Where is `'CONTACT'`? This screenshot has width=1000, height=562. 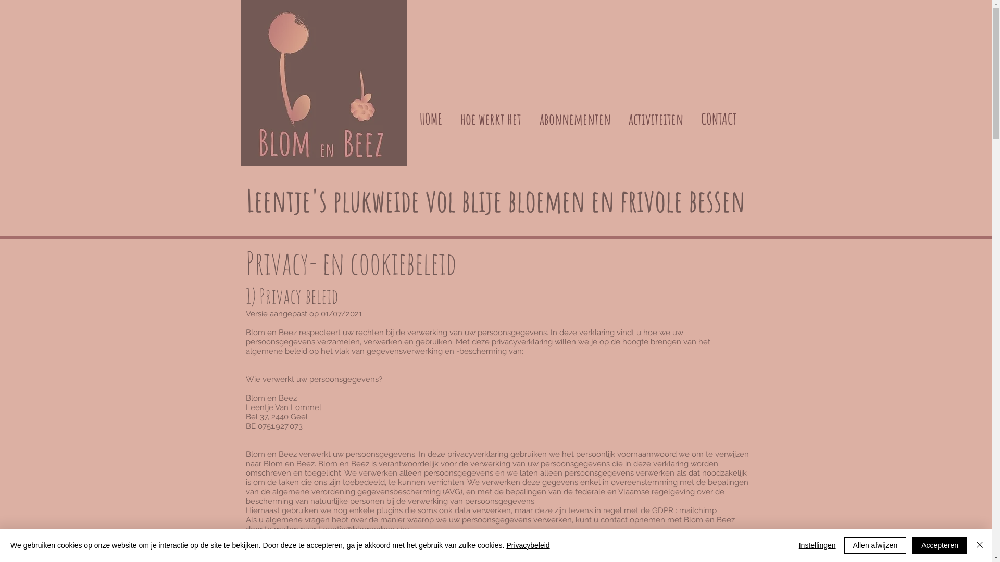
'CONTACT' is located at coordinates (692, 118).